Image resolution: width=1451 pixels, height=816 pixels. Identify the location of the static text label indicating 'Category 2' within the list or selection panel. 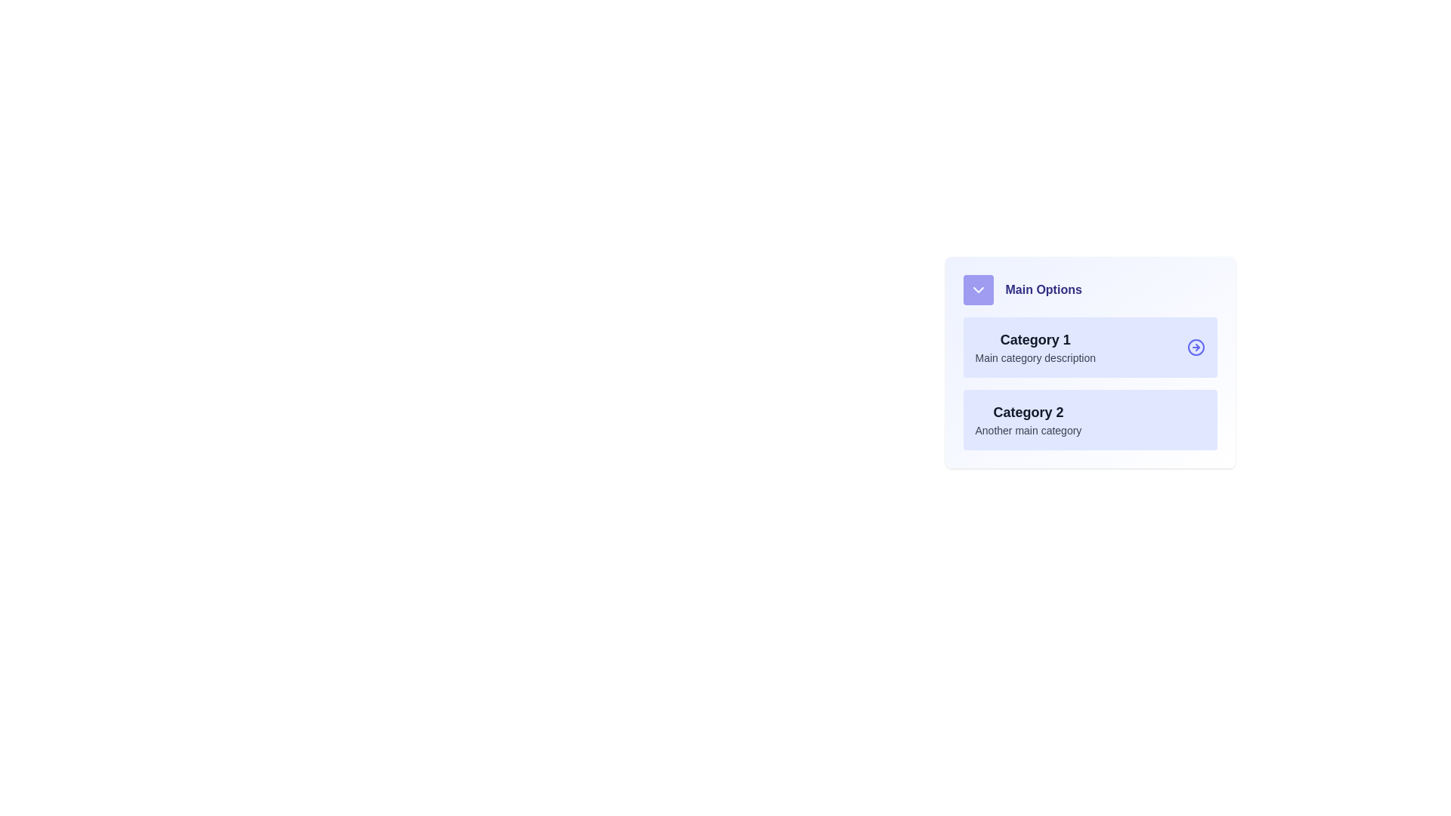
(1028, 413).